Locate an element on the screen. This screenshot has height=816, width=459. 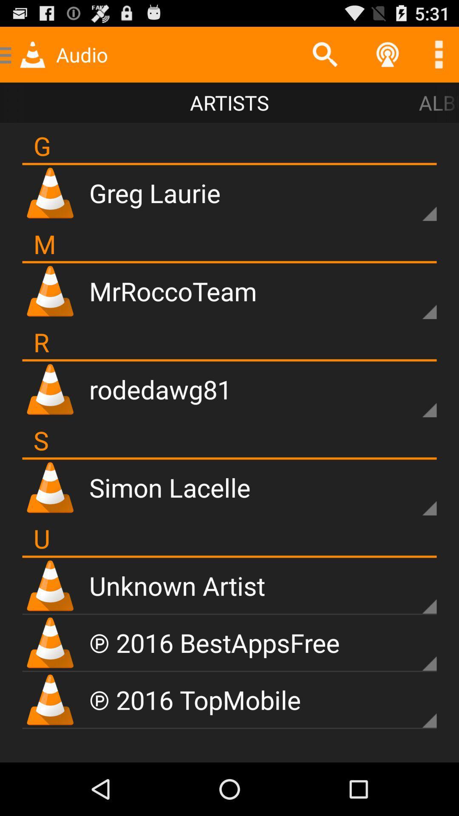
opens sub-menu is located at coordinates (414, 706).